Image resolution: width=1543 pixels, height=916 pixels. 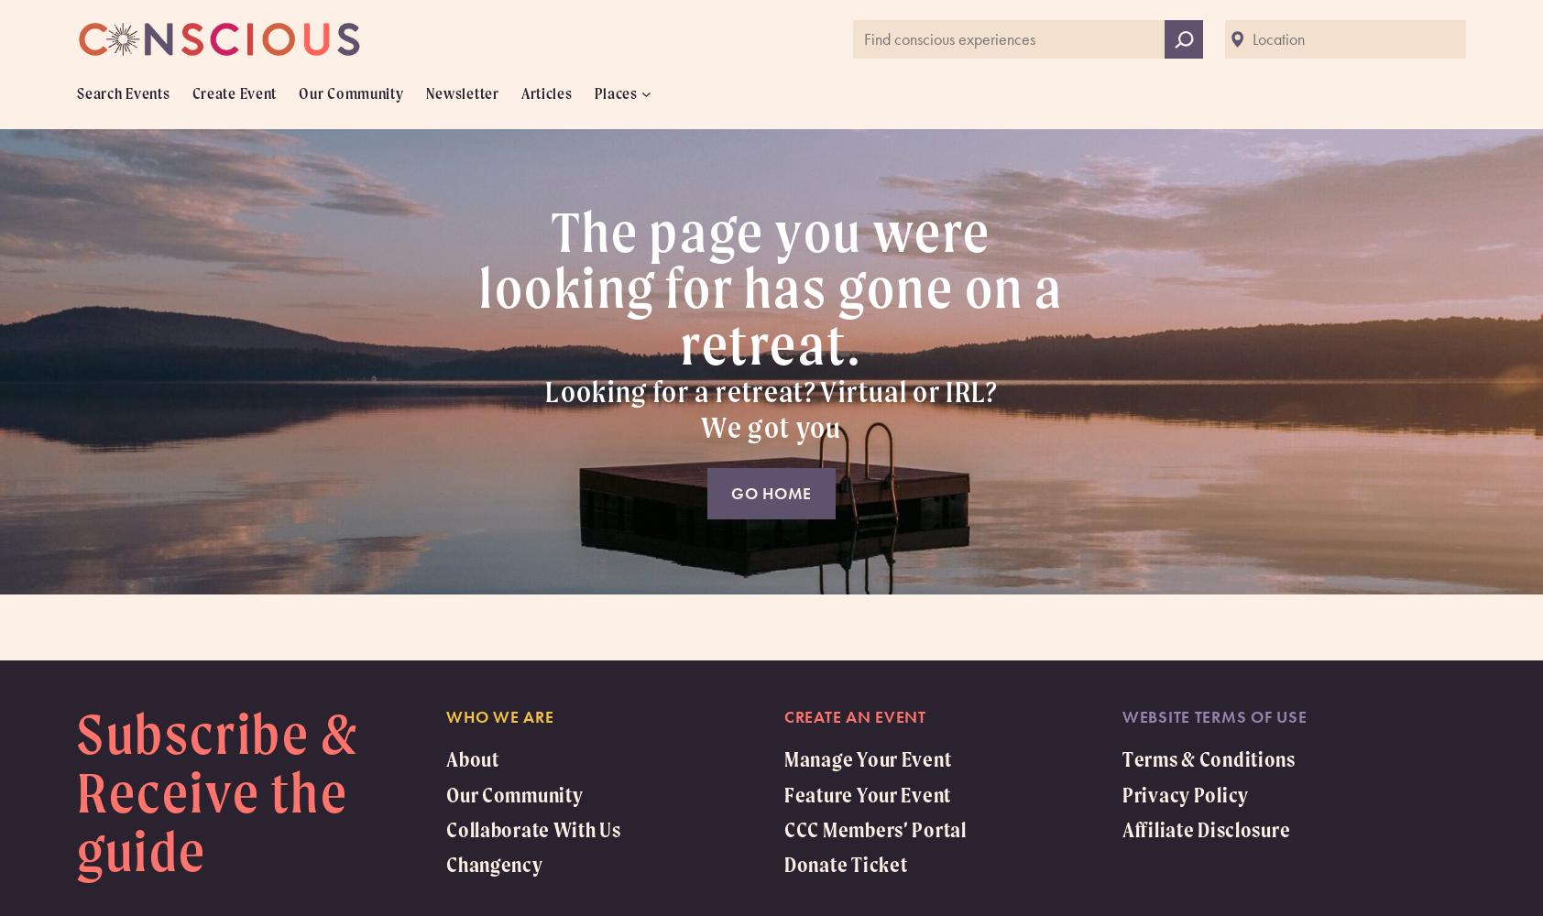 What do you see at coordinates (544, 92) in the screenshot?
I see `'Articles'` at bounding box center [544, 92].